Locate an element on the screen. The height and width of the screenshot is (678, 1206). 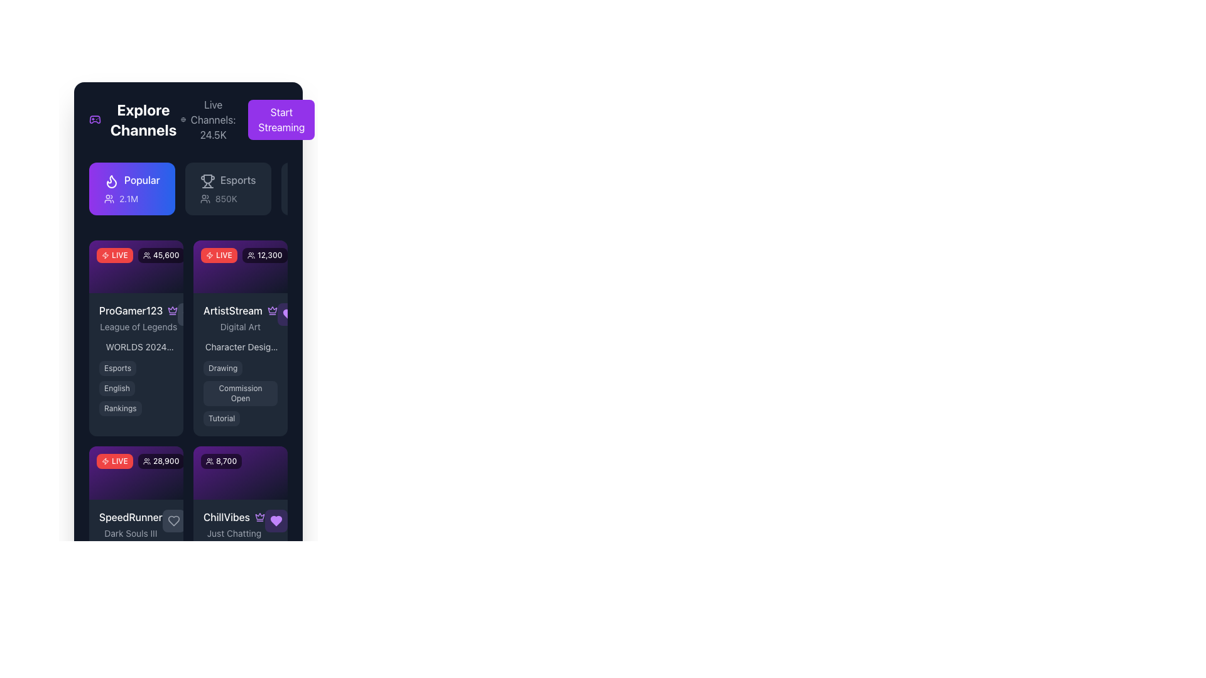
the text label representing a streaming channel, located in the upper-left quadrant under the 'Popular' category, which is the first entry in its list is located at coordinates (138, 318).